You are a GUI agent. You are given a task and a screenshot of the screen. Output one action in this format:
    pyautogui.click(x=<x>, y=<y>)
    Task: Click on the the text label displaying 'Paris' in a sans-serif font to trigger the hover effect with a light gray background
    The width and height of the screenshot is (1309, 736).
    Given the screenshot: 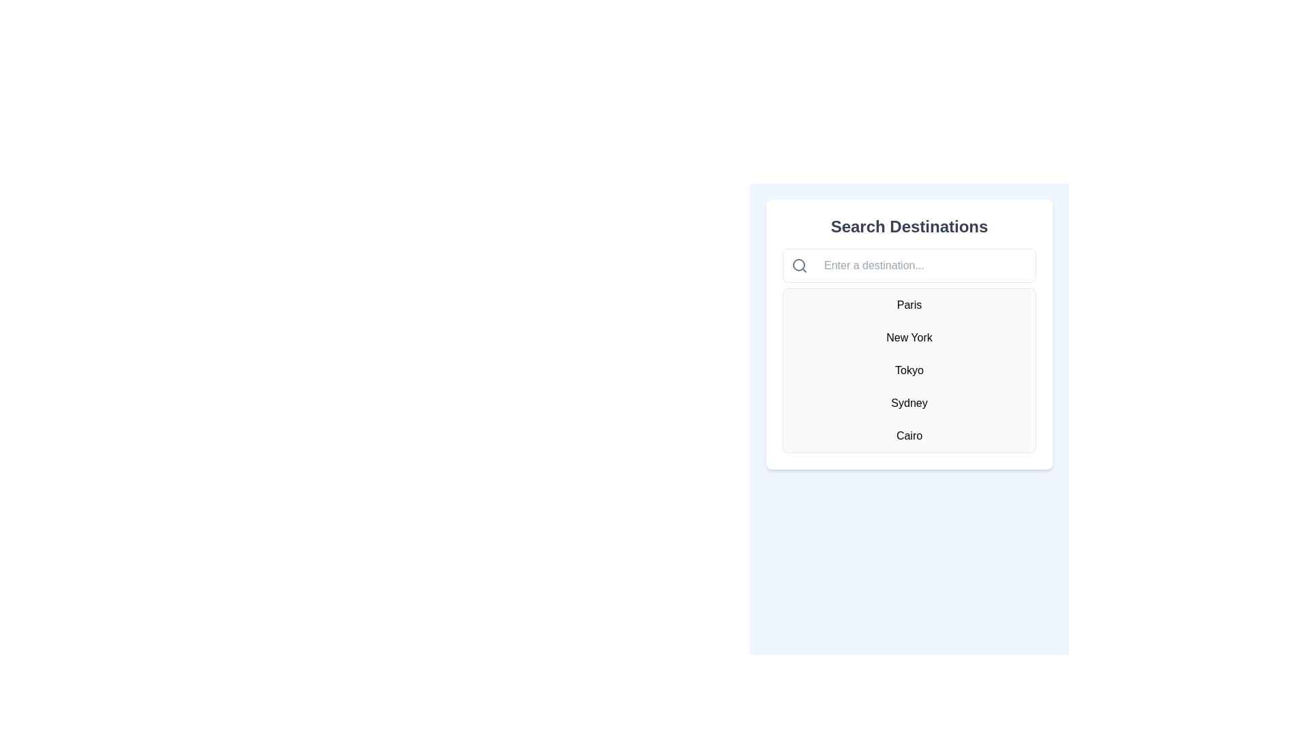 What is the action you would take?
    pyautogui.click(x=909, y=304)
    